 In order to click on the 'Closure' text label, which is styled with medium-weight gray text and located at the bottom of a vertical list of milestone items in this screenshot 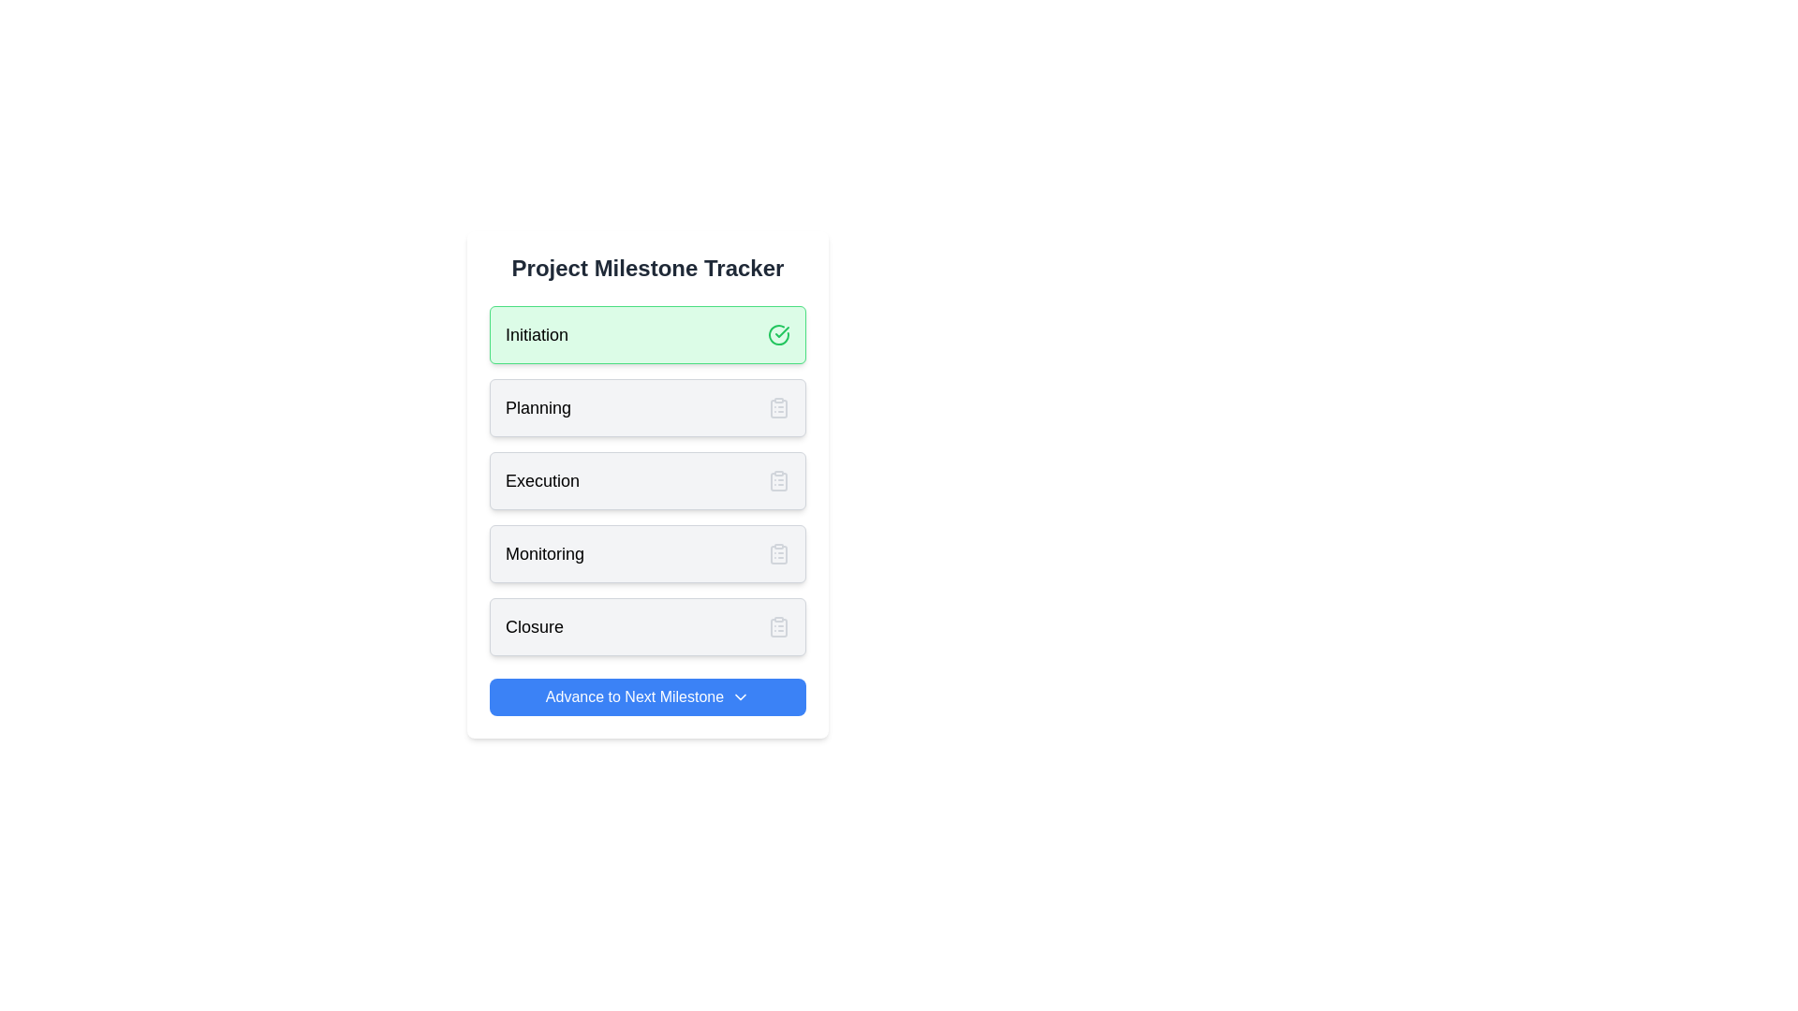, I will do `click(534, 627)`.